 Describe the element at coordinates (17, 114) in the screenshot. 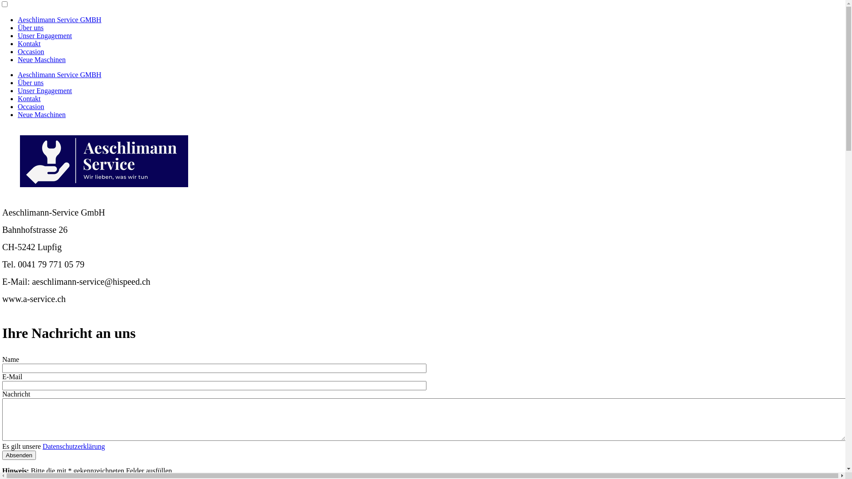

I see `'Neue Maschinen'` at that location.